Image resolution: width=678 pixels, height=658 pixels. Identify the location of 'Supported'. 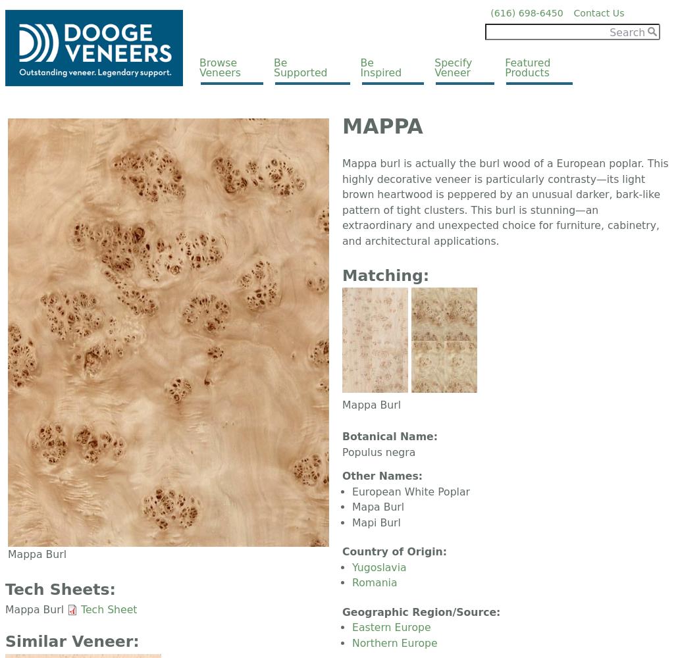
(299, 72).